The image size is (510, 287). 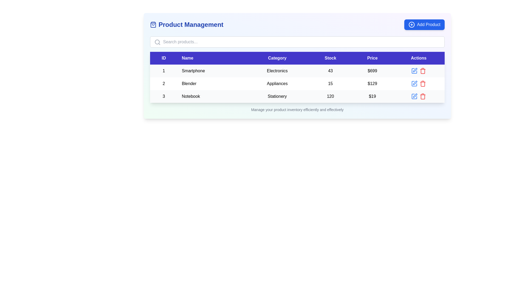 I want to click on the static text element displaying the numeric '2' in bold, located in the first column of the second row of a visible table, so click(x=163, y=84).